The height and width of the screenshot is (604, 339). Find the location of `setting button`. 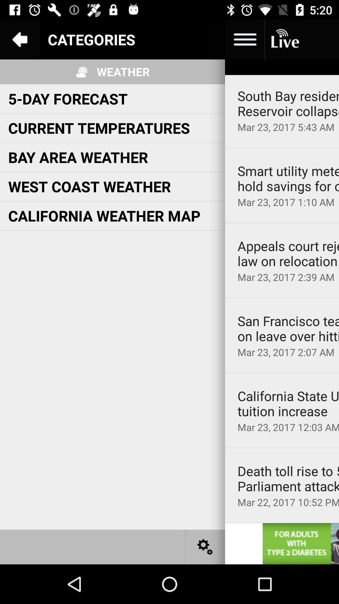

setting button is located at coordinates (205, 546).